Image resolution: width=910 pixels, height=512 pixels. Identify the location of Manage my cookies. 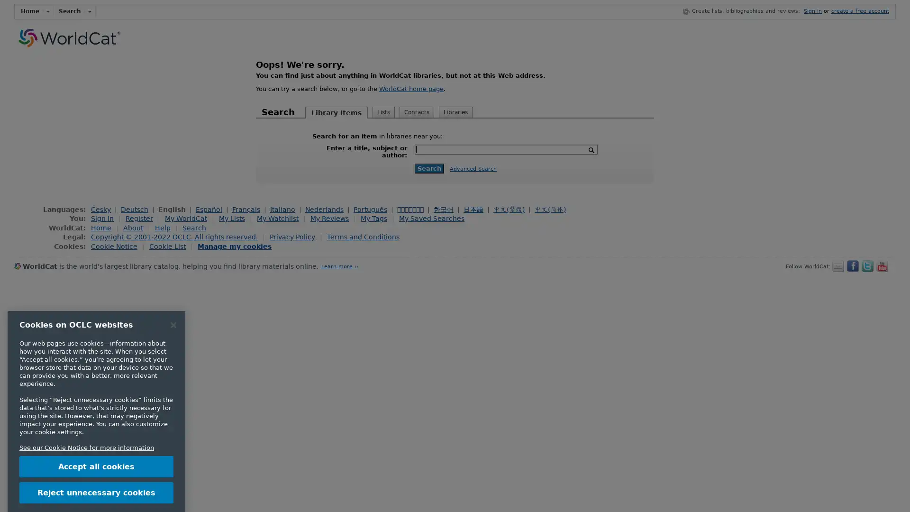
(234, 246).